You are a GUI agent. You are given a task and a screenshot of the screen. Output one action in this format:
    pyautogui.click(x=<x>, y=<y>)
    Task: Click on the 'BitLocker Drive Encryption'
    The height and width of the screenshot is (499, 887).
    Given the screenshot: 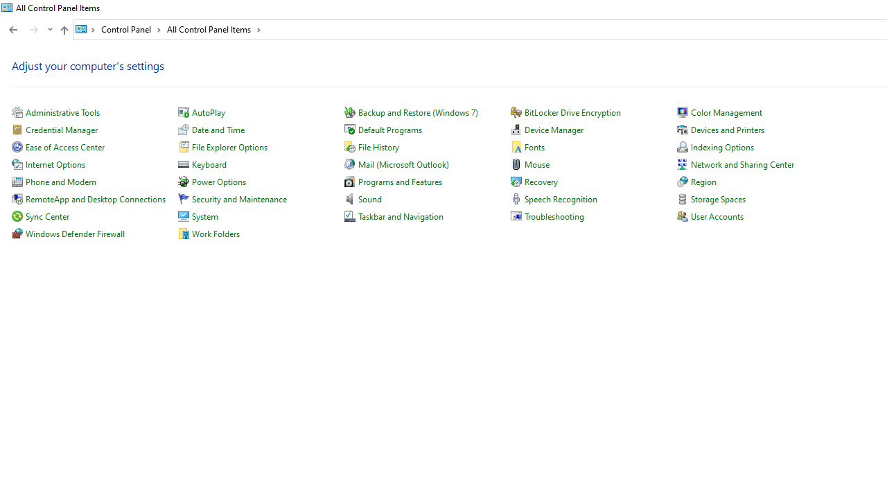 What is the action you would take?
    pyautogui.click(x=572, y=112)
    